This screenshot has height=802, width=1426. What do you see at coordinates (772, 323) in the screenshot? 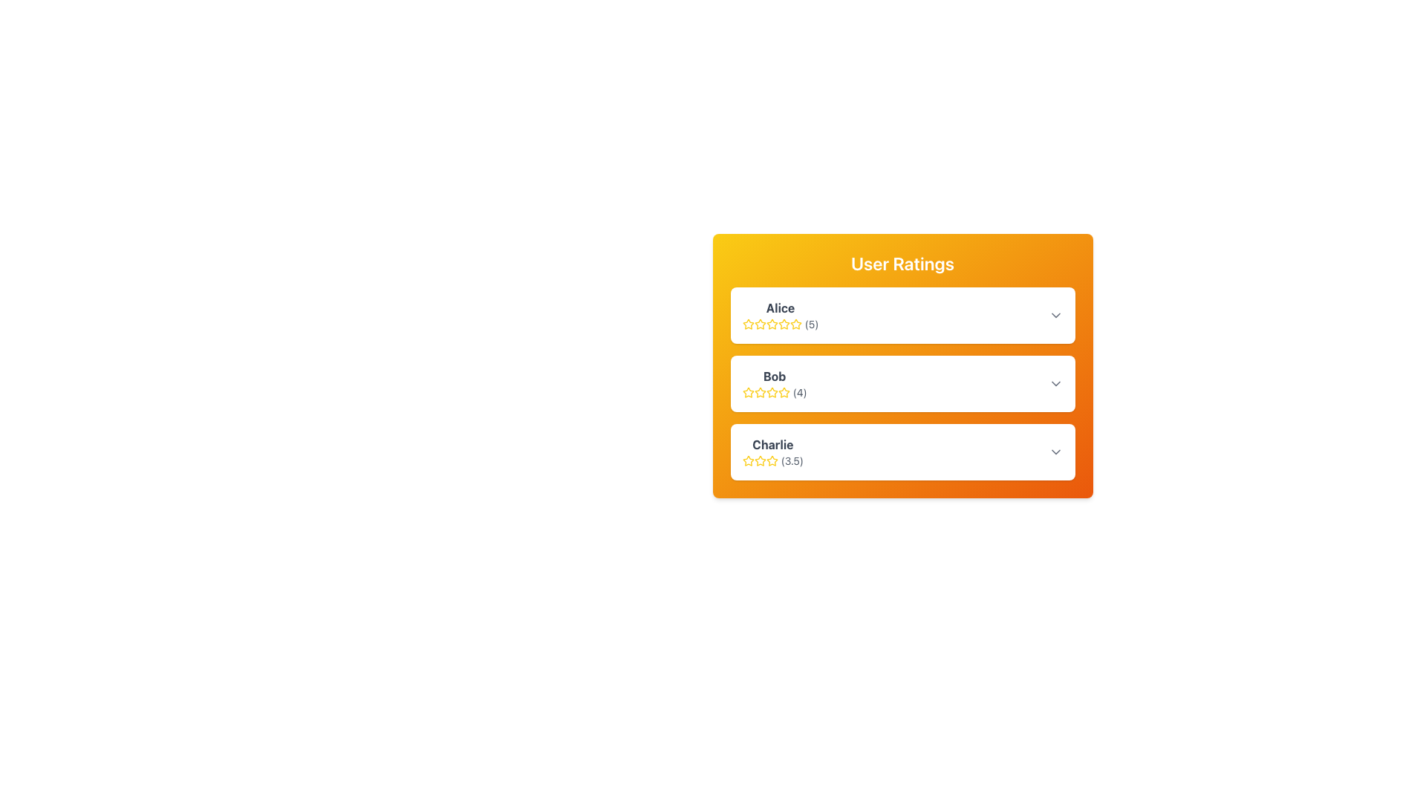
I see `the fourth star icon in the user ratings row labeled 'Alice', which serves as a visual indicator of a rating` at bounding box center [772, 323].